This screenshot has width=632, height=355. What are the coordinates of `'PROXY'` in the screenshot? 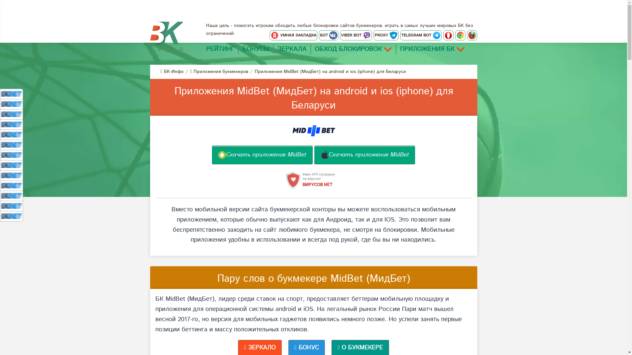 It's located at (385, 35).